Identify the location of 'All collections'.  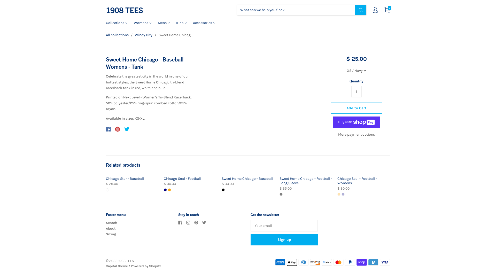
(117, 35).